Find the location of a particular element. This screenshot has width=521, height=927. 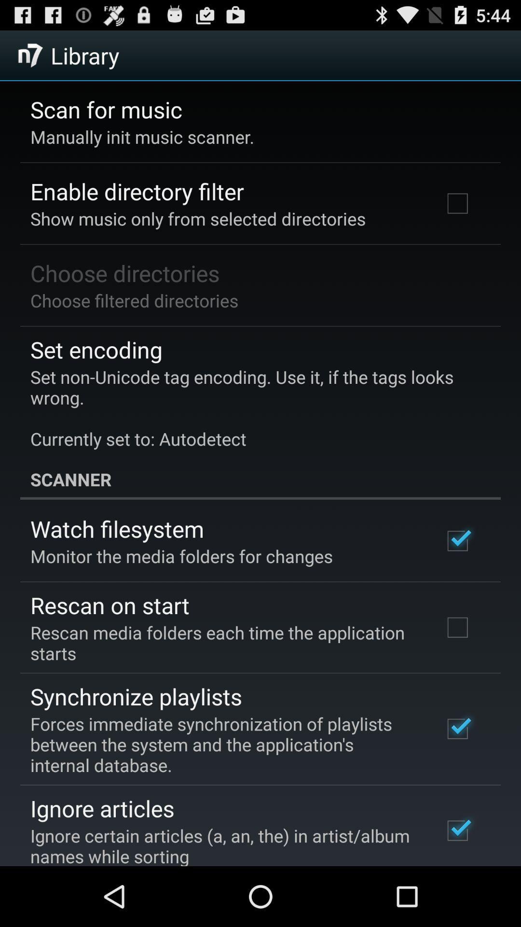

icon below manually init music icon is located at coordinates (137, 191).